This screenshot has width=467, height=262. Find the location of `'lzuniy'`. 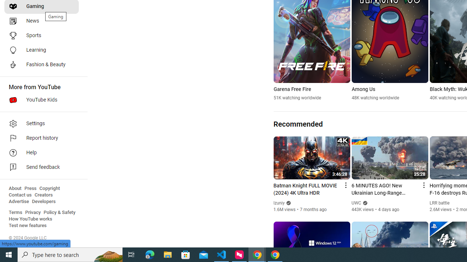

'lzuniy' is located at coordinates (279, 203).